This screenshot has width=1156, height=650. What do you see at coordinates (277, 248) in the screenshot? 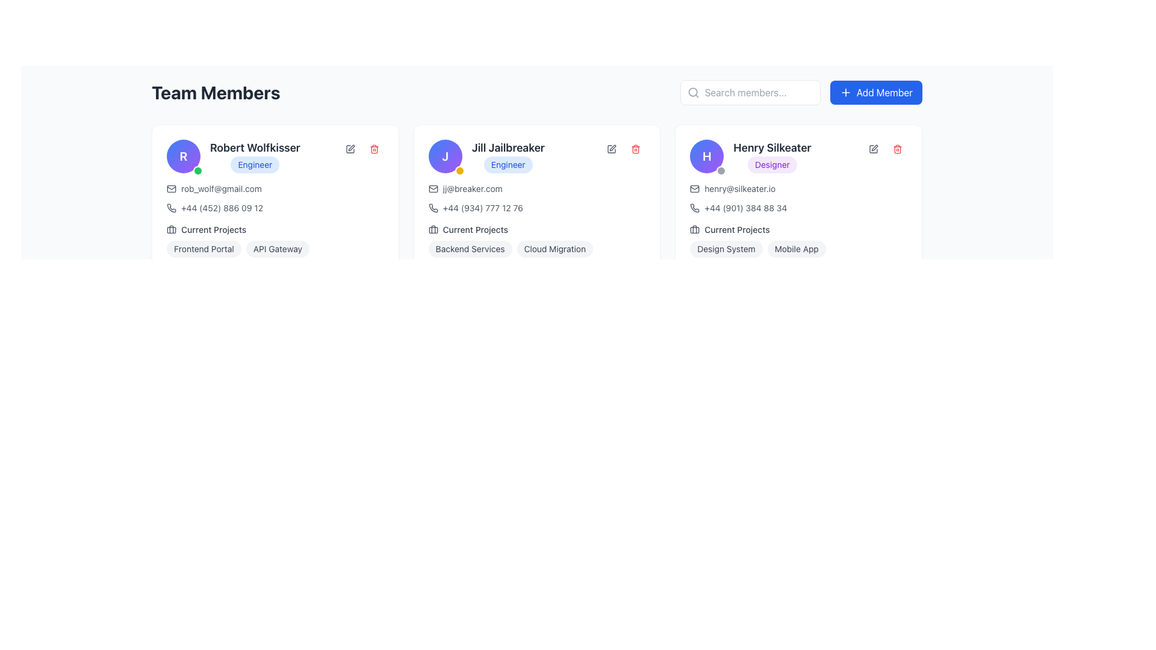
I see `the second label in the 'Current Projects' section of Robert Wolfkisser's profile card, which categorizes or describes the user's project involvement` at bounding box center [277, 248].